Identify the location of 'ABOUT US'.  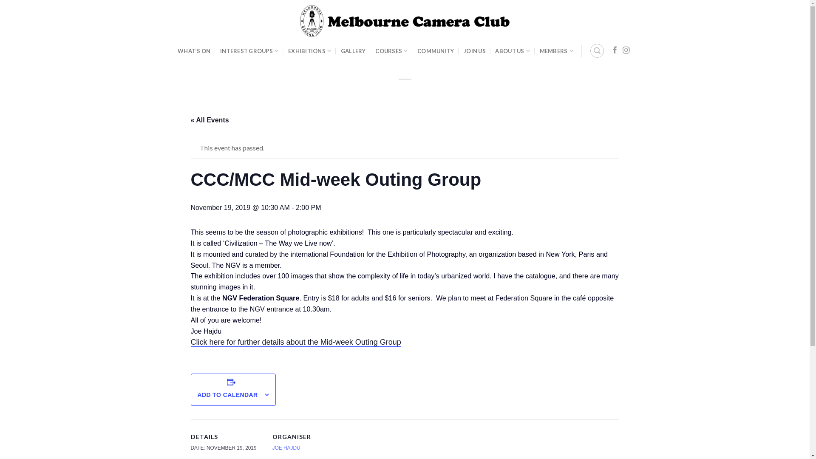
(512, 51).